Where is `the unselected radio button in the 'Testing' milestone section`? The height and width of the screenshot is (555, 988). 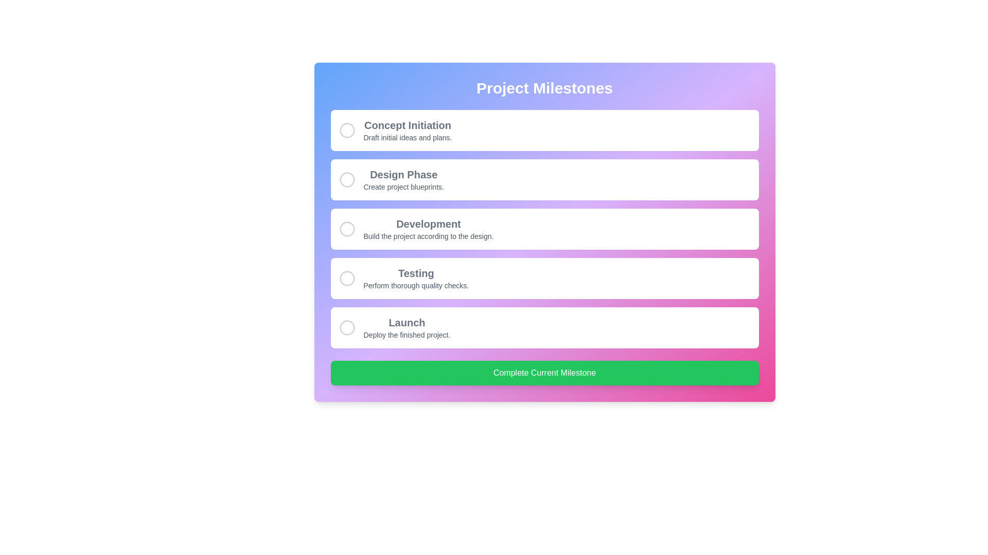 the unselected radio button in the 'Testing' milestone section is located at coordinates (347, 279).